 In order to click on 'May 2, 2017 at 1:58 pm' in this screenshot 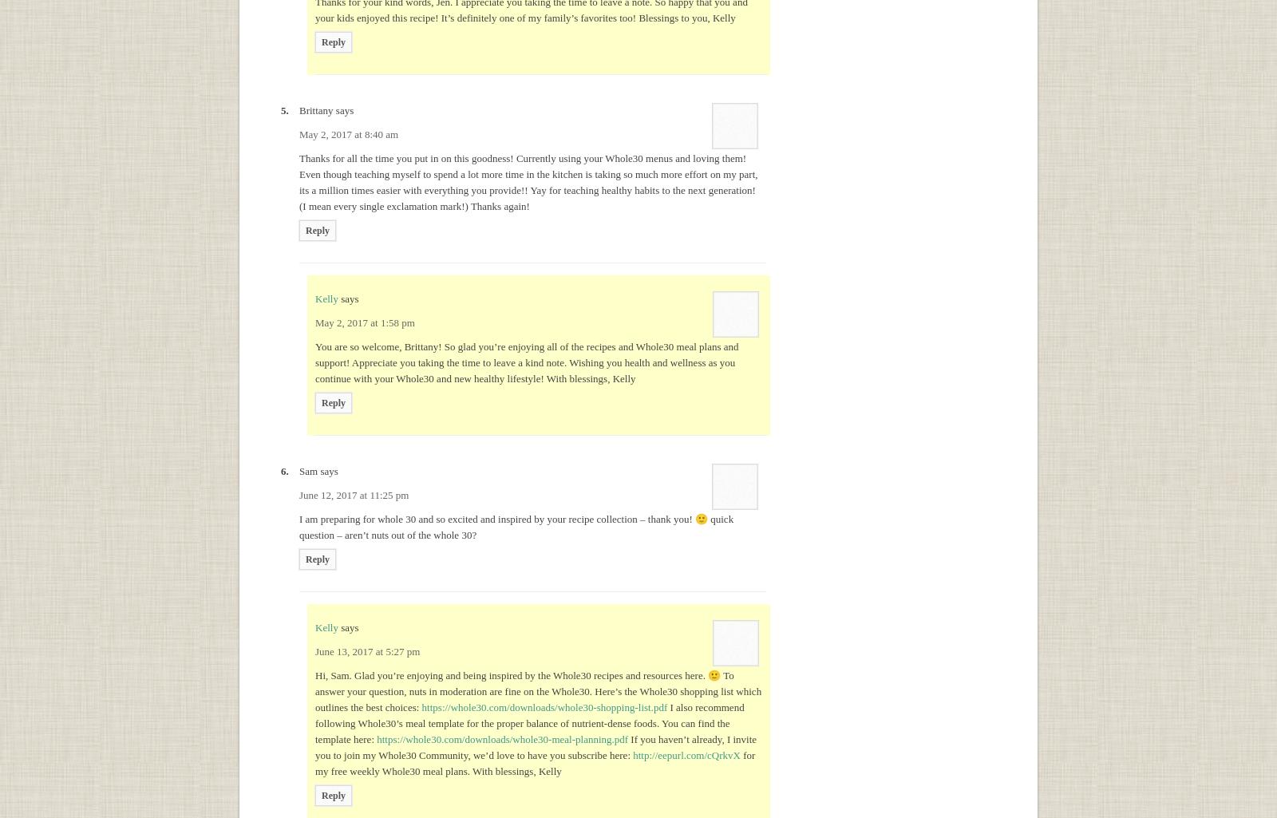, I will do `click(363, 322)`.